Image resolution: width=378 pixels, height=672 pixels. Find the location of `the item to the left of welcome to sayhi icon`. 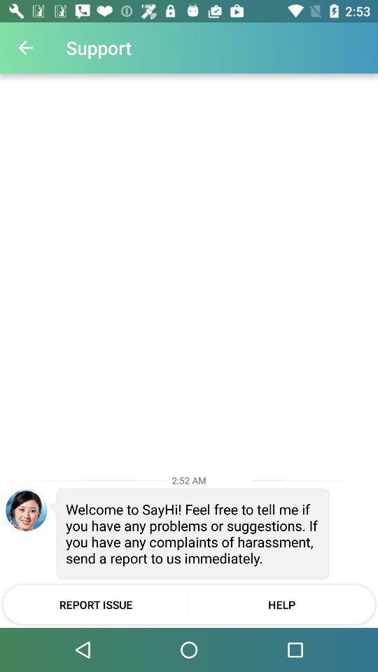

the item to the left of welcome to sayhi icon is located at coordinates (26, 510).